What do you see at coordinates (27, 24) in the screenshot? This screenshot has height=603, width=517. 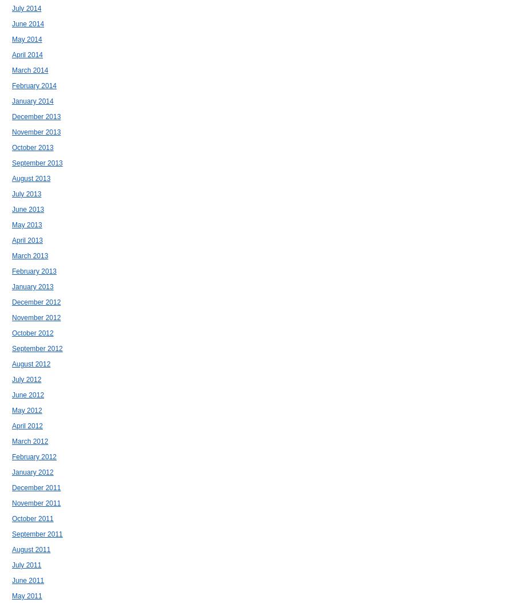 I see `'June 2014'` at bounding box center [27, 24].